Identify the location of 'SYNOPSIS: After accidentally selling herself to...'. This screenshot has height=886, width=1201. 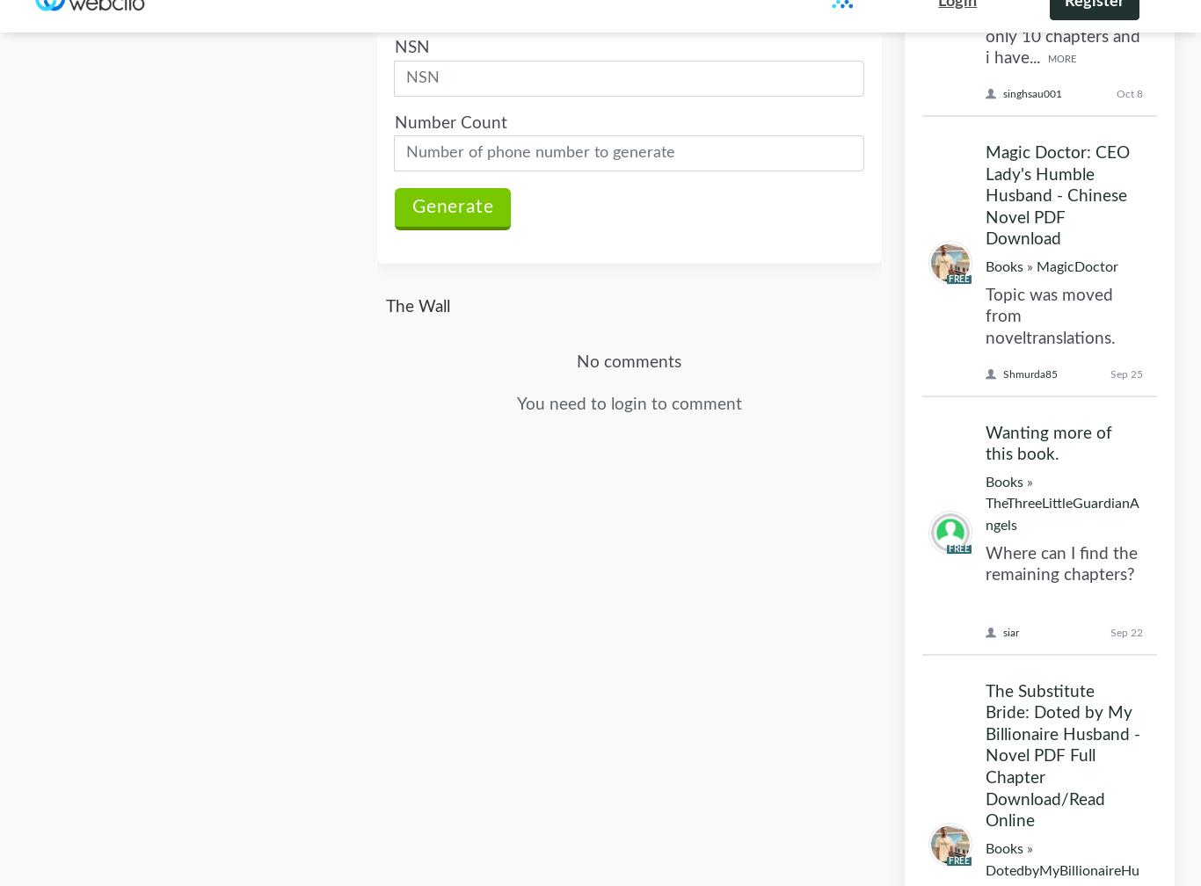
(1053, 364).